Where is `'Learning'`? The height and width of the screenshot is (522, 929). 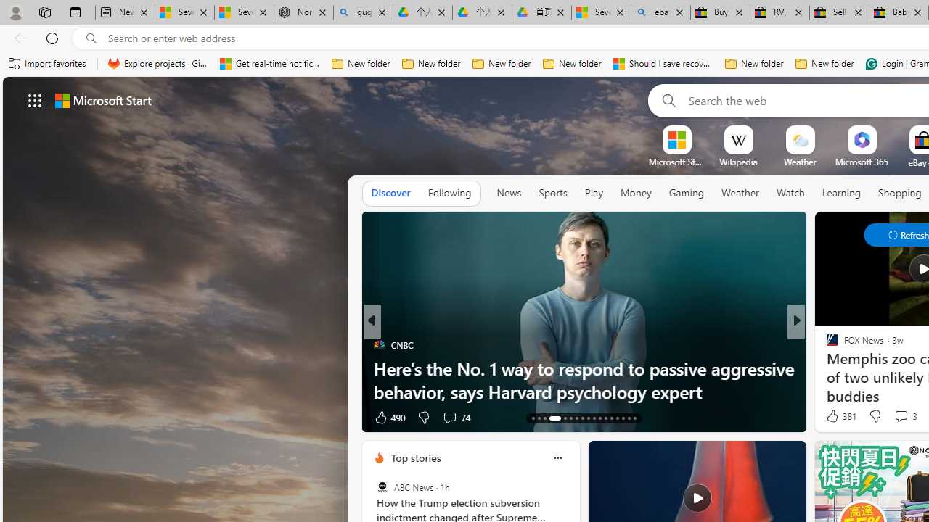
'Learning' is located at coordinates (841, 193).